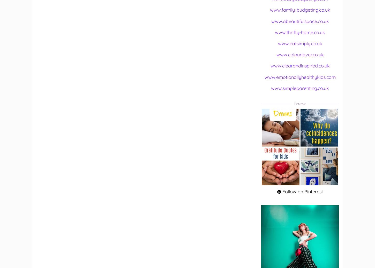  What do you see at coordinates (299, 21) in the screenshot?
I see `'www.abeautifulspace.co.uk'` at bounding box center [299, 21].